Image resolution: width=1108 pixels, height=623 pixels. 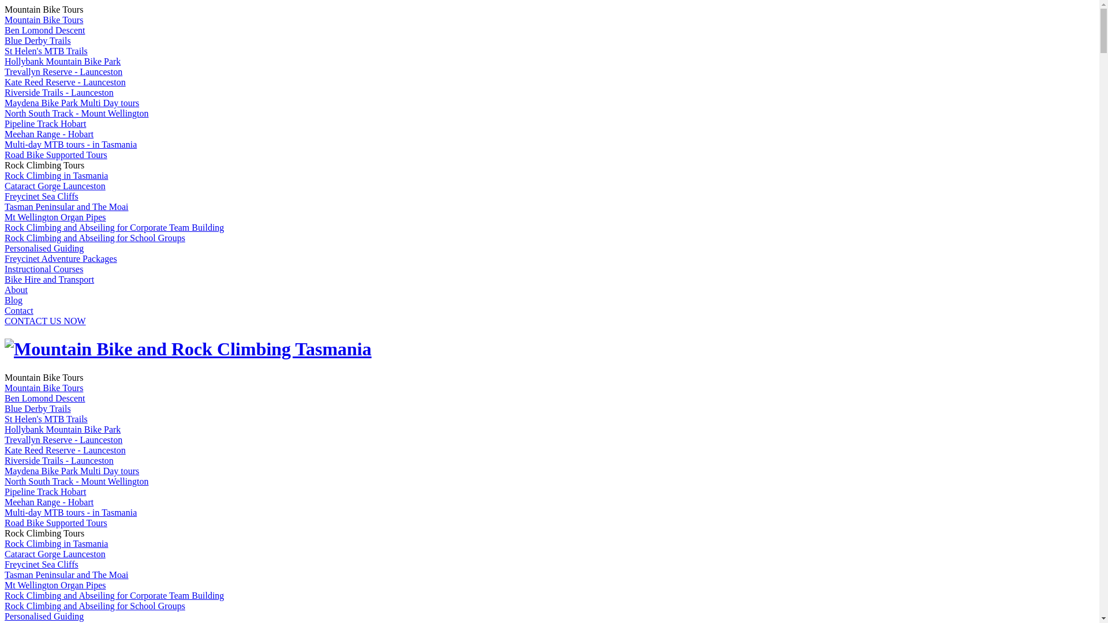 I want to click on 'Multi-day MTB tours - in Tasmania', so click(x=70, y=512).